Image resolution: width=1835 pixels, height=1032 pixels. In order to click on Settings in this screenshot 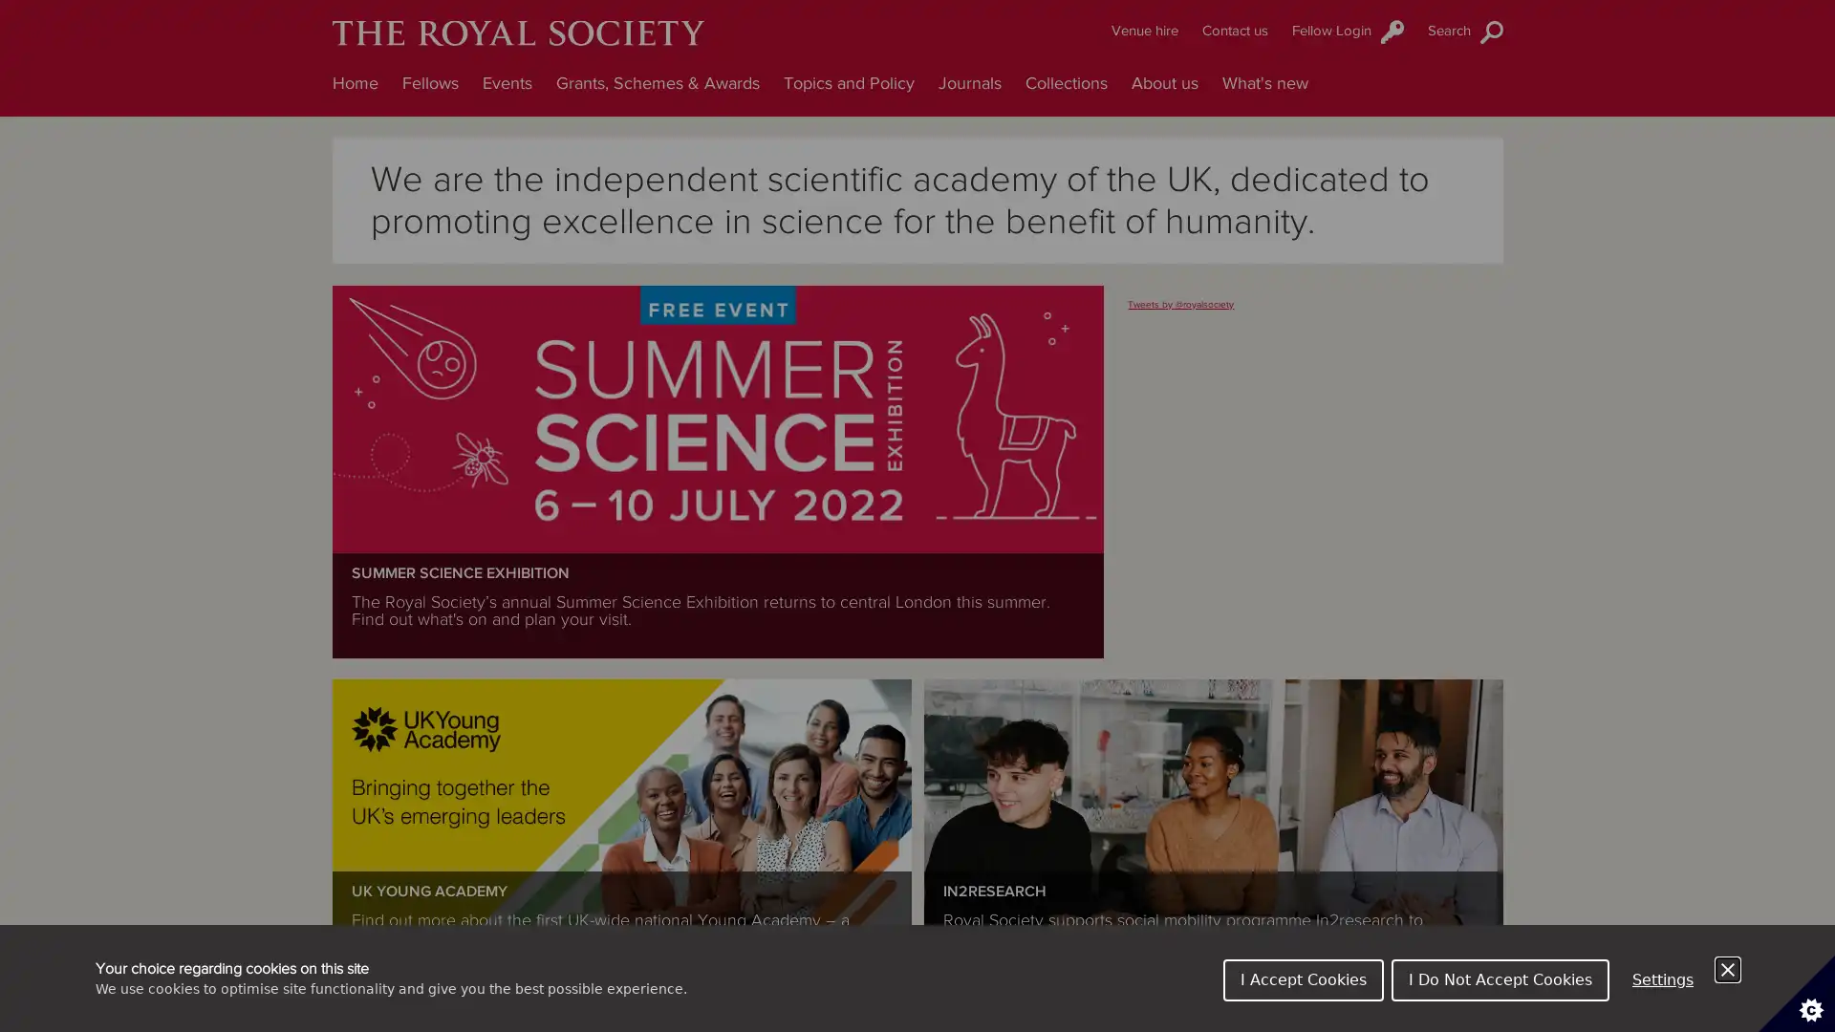, I will do `click(1661, 980)`.